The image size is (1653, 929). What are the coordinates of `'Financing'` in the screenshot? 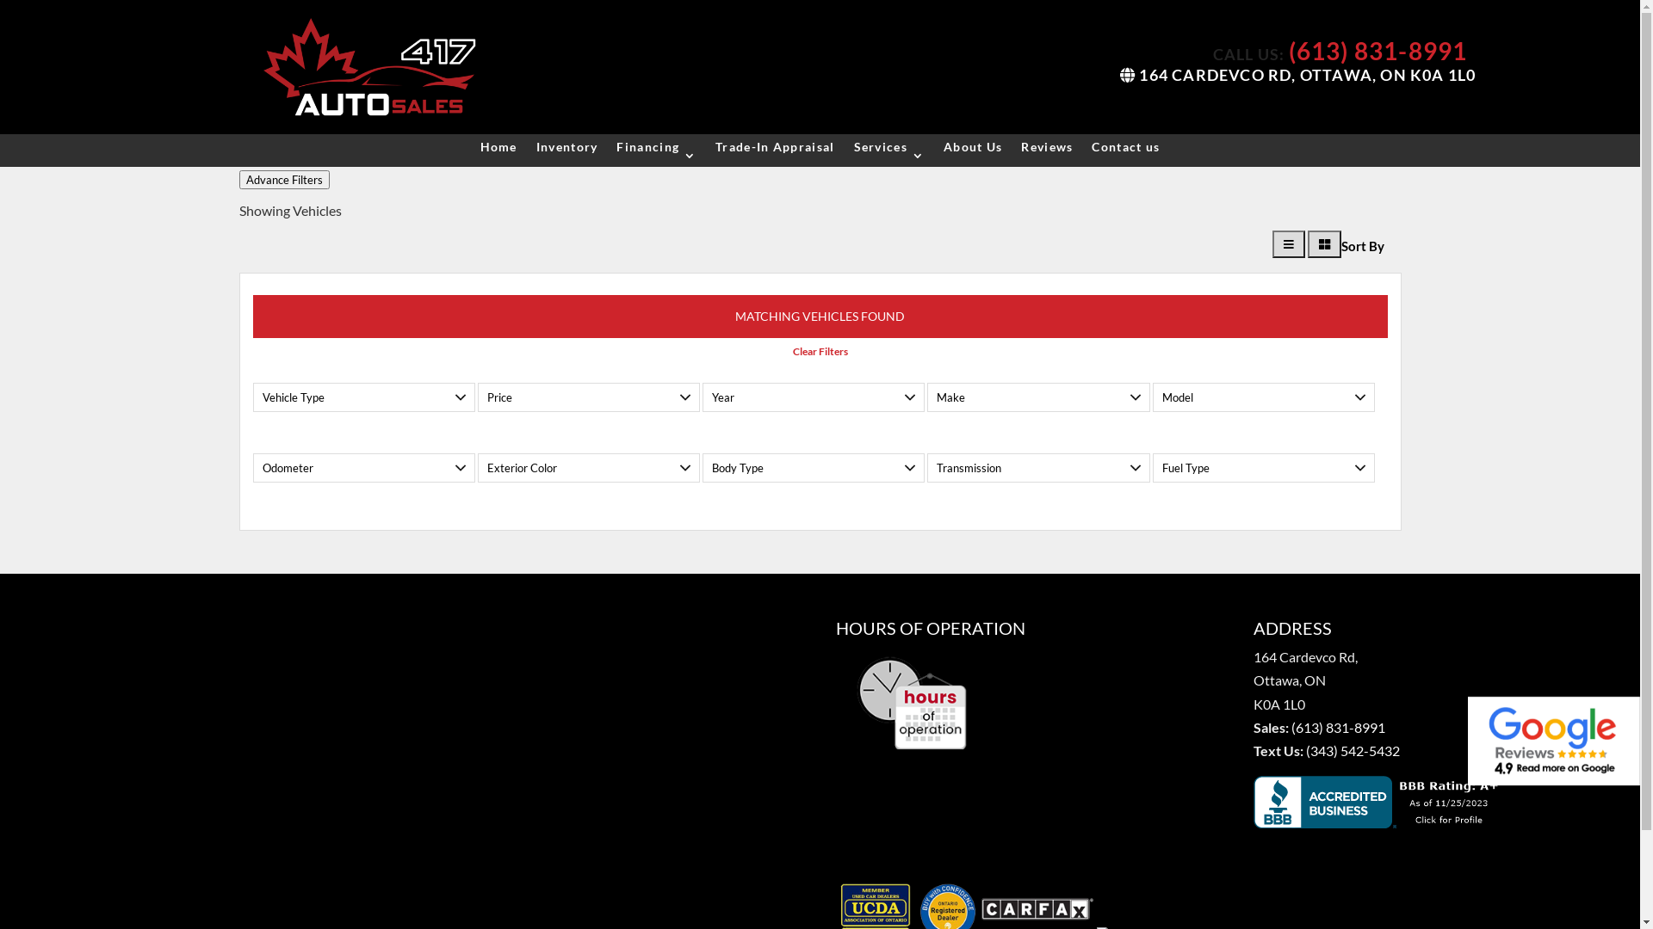 It's located at (616, 149).